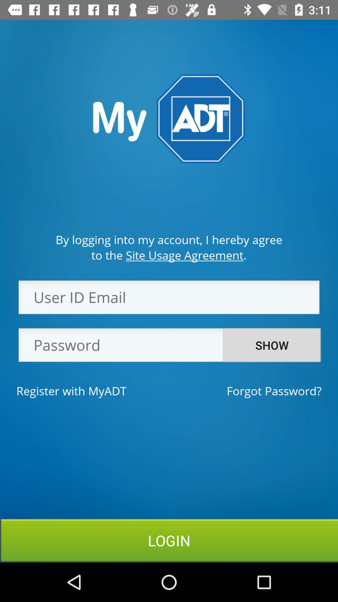  What do you see at coordinates (71, 390) in the screenshot?
I see `the item next to the forgot password?` at bounding box center [71, 390].